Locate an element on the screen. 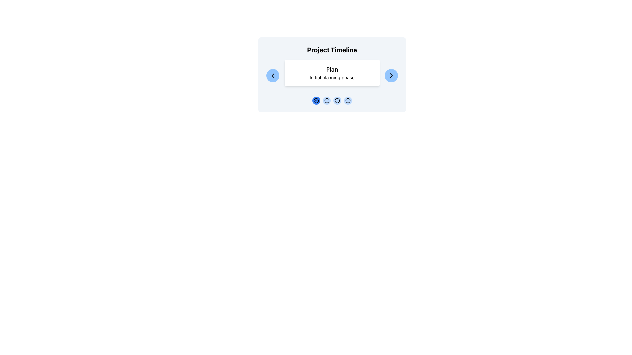 The width and height of the screenshot is (632, 355). the Informational card displaying 'Plan' and 'Initial planning phase', which is located at the center of the interface above navigation buttons is located at coordinates (332, 73).